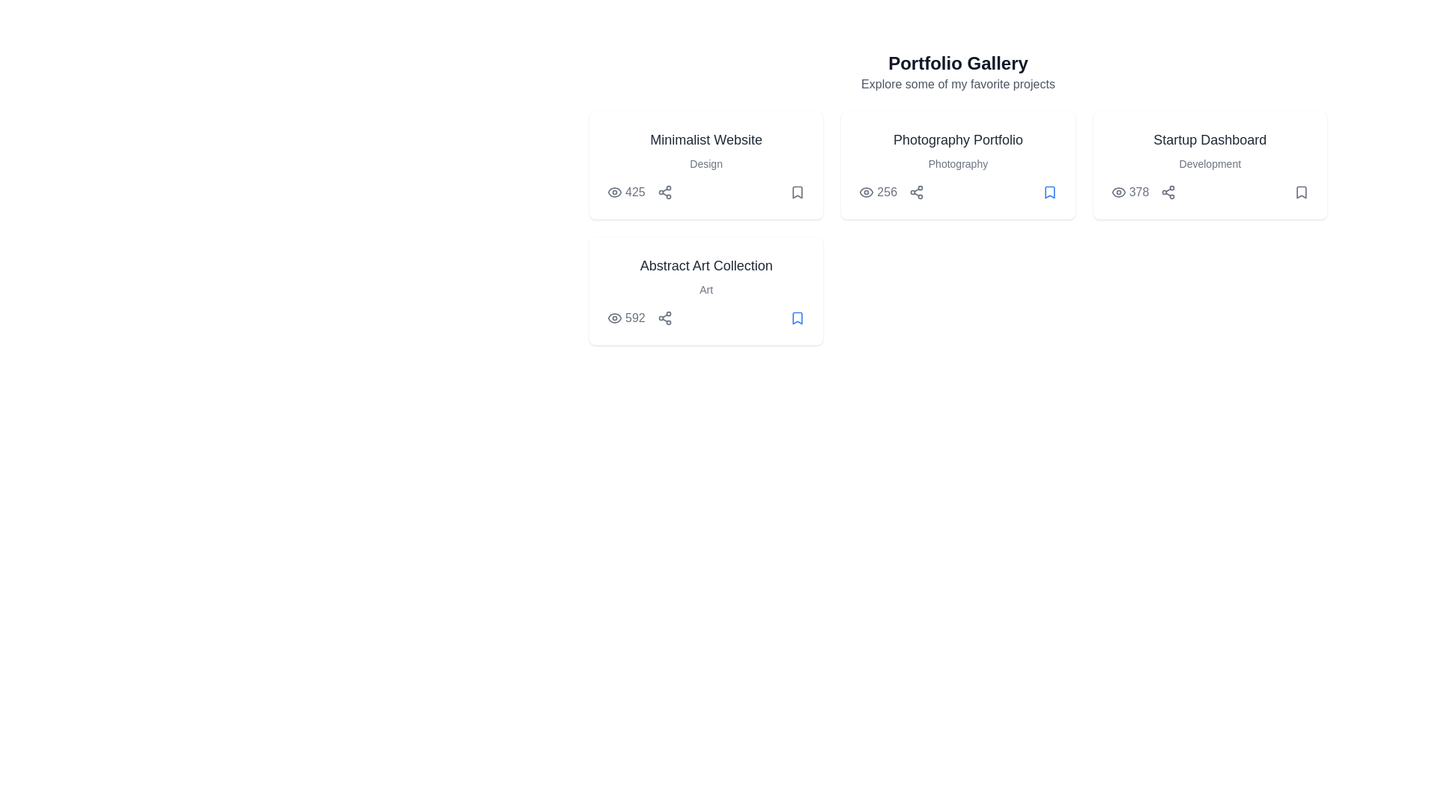 The width and height of the screenshot is (1438, 809). Describe the element at coordinates (957, 84) in the screenshot. I see `the Static Text element that provides context for the portfolio gallery, located directly below the main title 'Portfolio Gallery'` at that location.